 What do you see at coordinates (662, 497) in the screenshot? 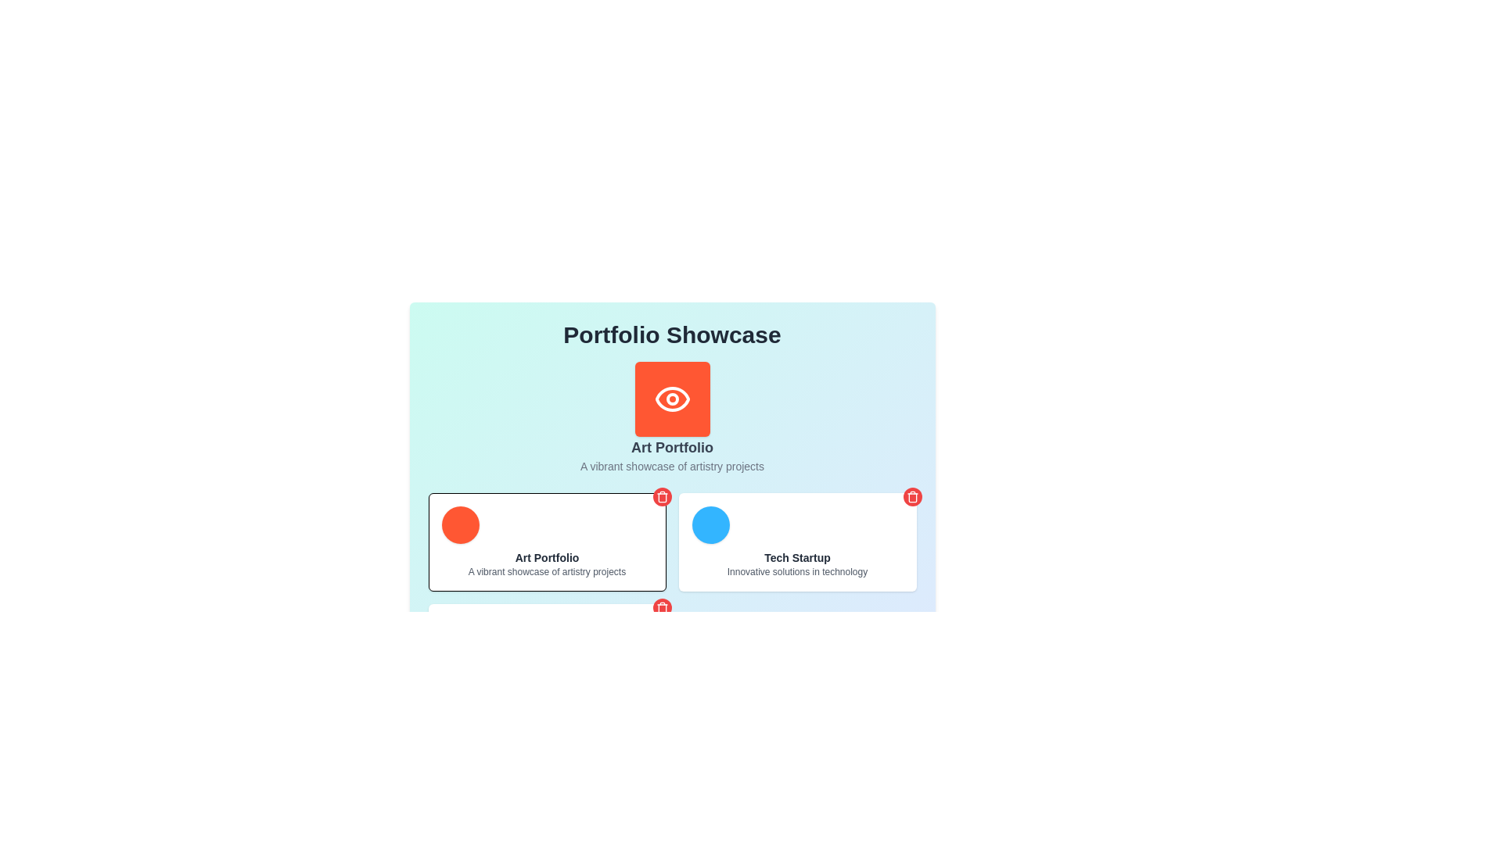
I see `the trash bin icon button located at the top-right corner of the 'Art Portfolio' card` at bounding box center [662, 497].